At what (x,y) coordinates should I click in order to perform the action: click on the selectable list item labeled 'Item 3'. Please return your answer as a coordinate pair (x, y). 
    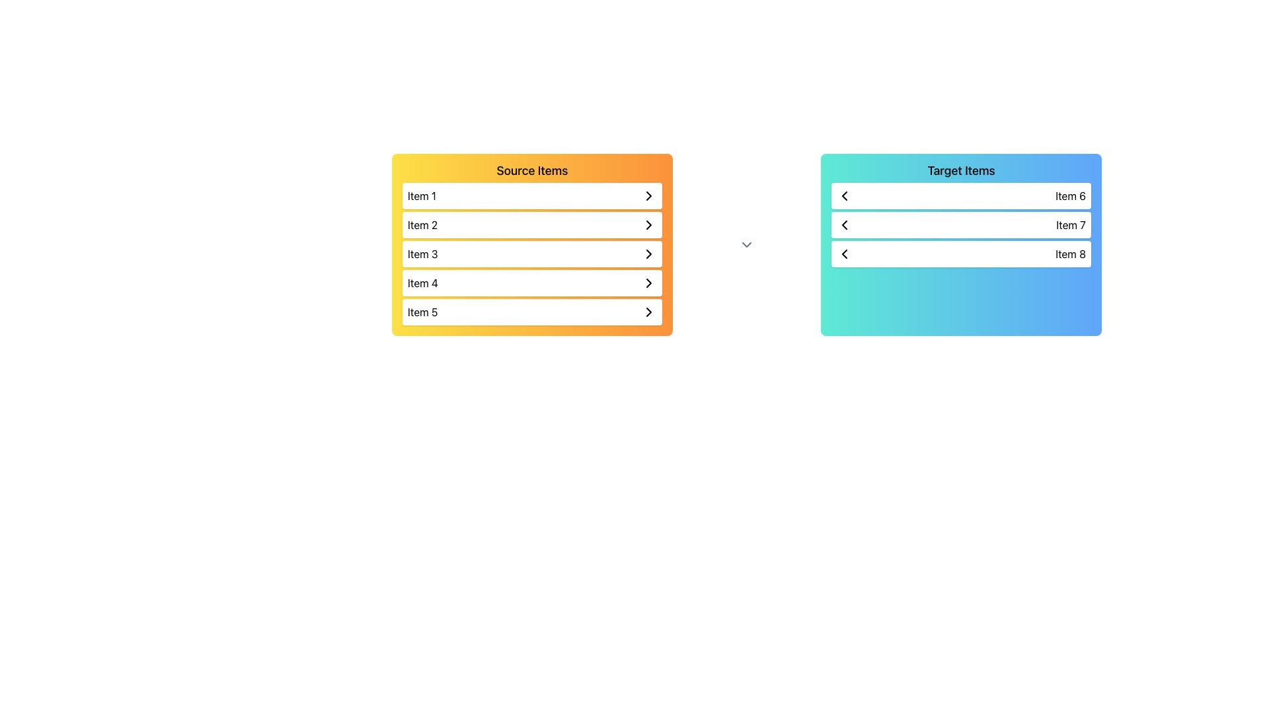
    Looking at the image, I should click on (532, 254).